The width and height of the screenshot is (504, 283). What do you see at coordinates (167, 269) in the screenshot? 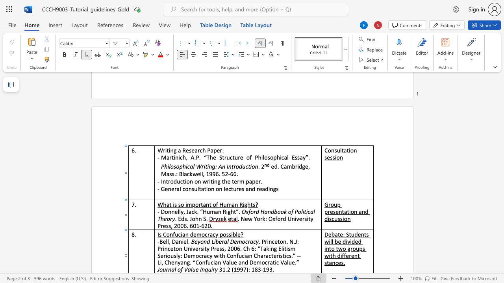
I see `the 1th character "r" in the text` at bounding box center [167, 269].